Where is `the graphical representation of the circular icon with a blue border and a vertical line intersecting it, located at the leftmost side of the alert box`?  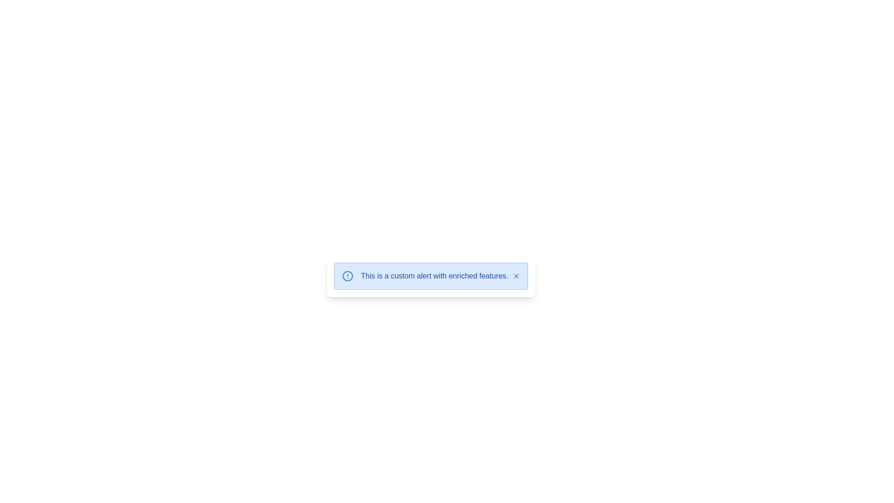 the graphical representation of the circular icon with a blue border and a vertical line intersecting it, located at the leftmost side of the alert box is located at coordinates (347, 276).